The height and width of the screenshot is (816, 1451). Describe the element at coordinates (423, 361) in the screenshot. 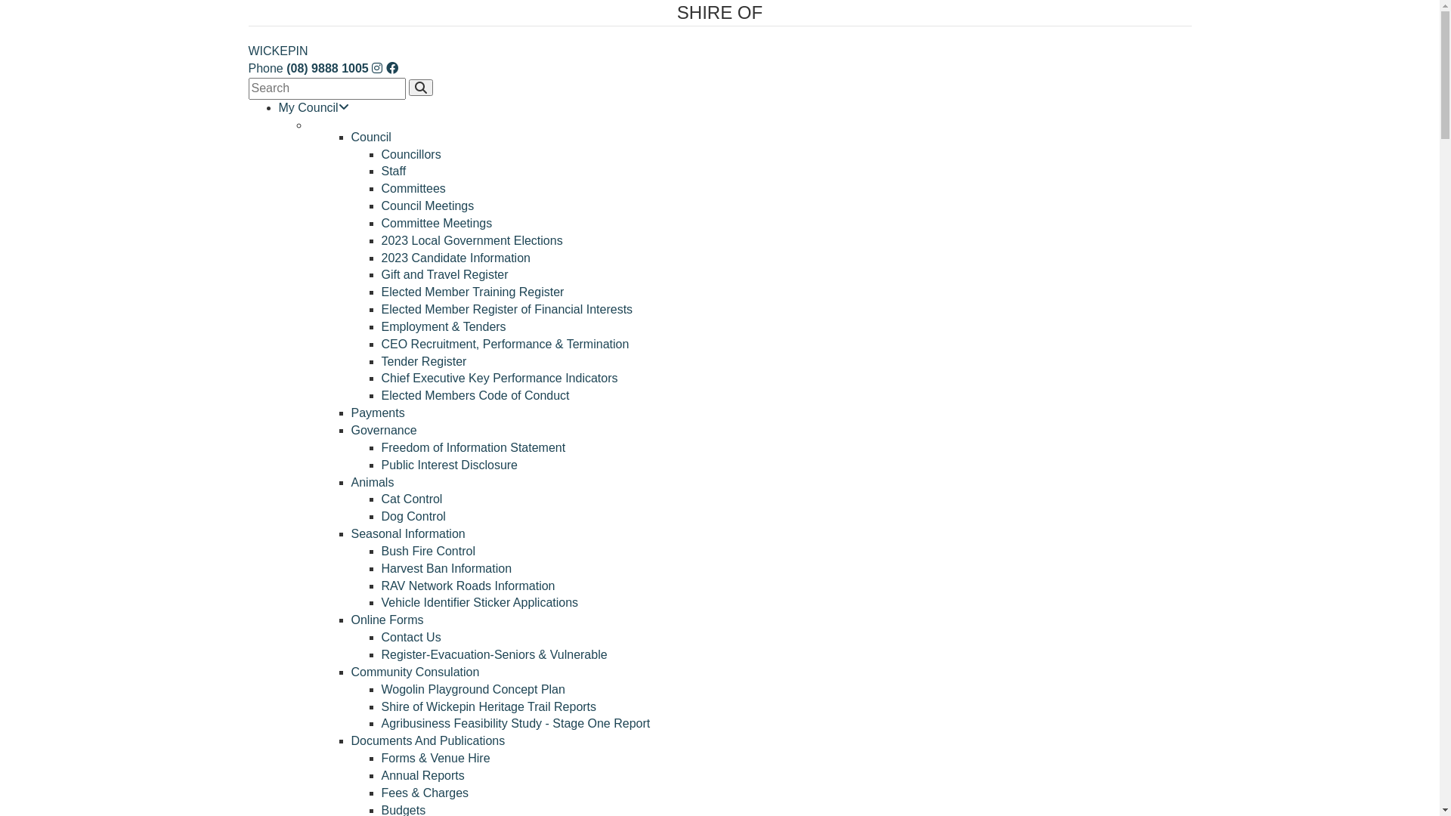

I see `'Tender Register'` at that location.